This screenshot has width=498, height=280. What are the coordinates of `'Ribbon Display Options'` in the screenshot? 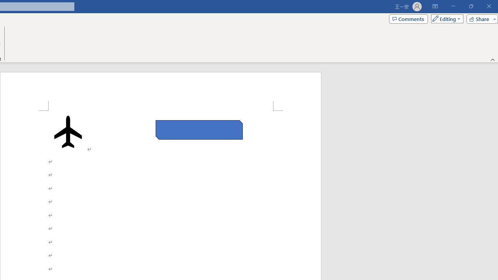 It's located at (435, 6).